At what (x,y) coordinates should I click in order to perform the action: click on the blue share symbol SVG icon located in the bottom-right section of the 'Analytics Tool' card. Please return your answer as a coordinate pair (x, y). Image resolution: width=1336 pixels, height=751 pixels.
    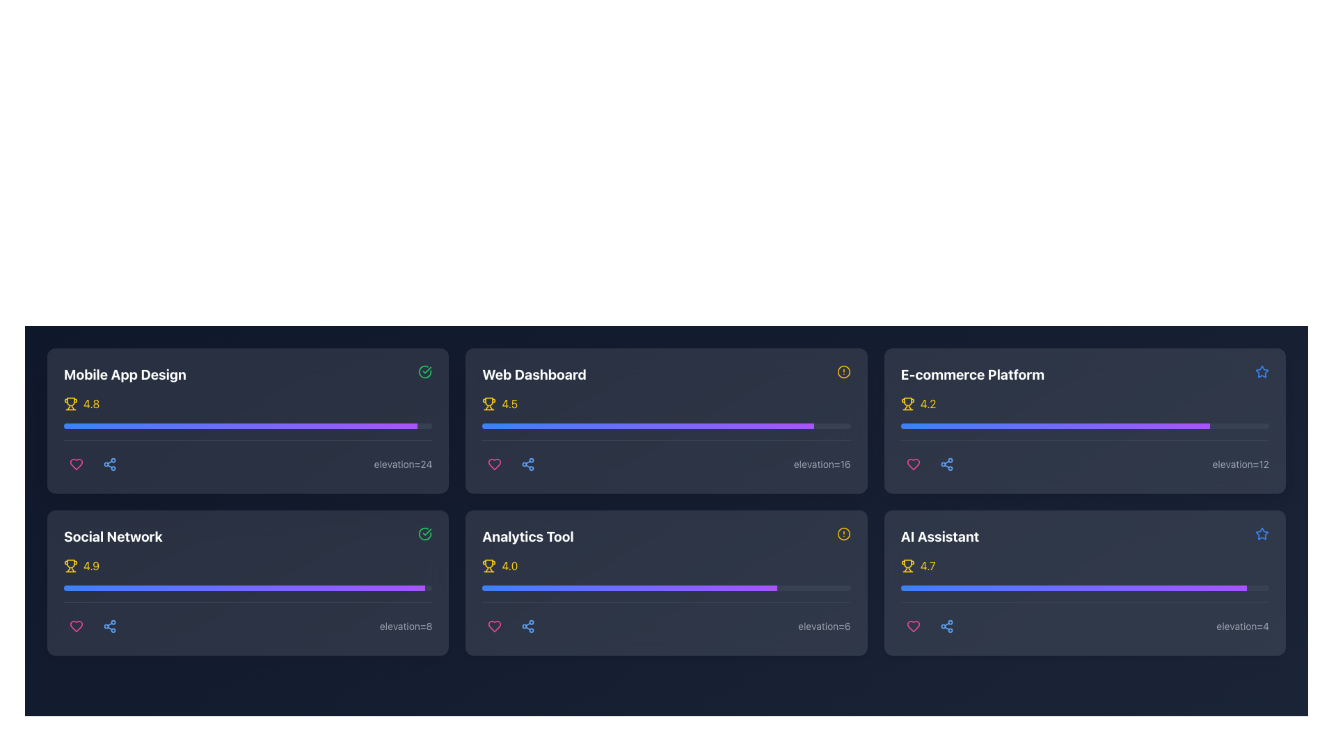
    Looking at the image, I should click on (527, 627).